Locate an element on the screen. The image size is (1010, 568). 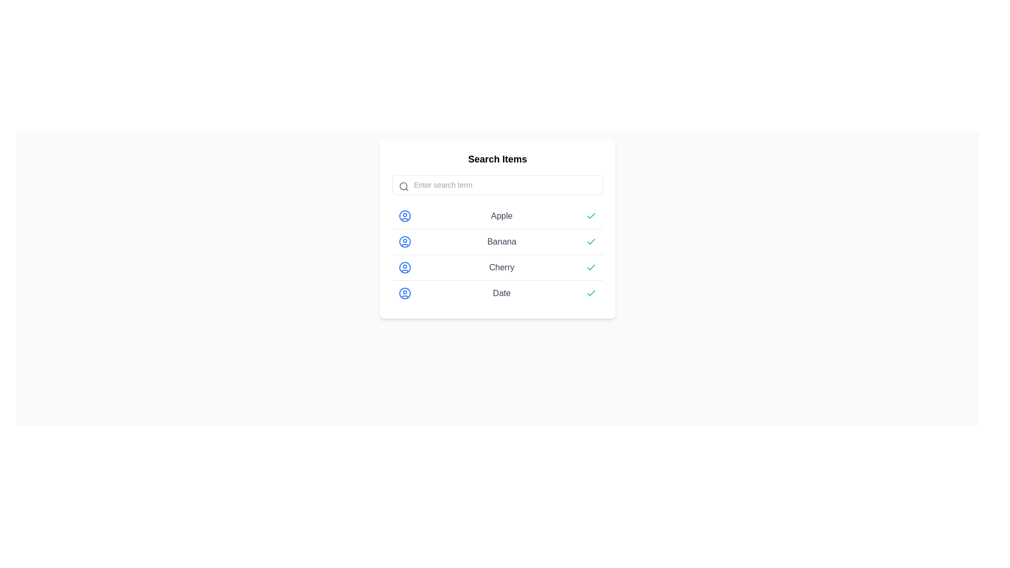
the outermost circular outline of the user profile icon located to the left of the word 'Apple' in the list is located at coordinates (404, 216).